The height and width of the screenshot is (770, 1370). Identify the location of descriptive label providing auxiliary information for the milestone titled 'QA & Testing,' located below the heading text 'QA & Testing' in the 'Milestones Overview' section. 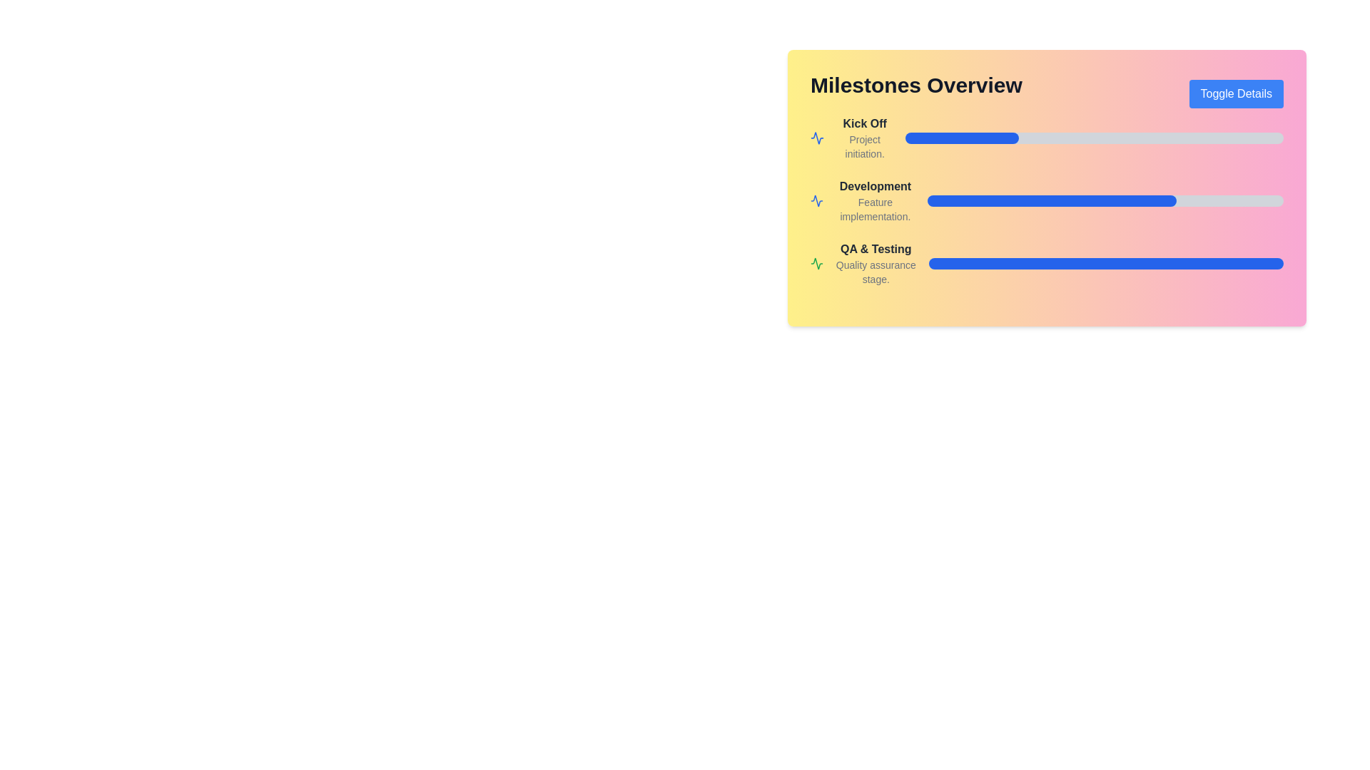
(875, 272).